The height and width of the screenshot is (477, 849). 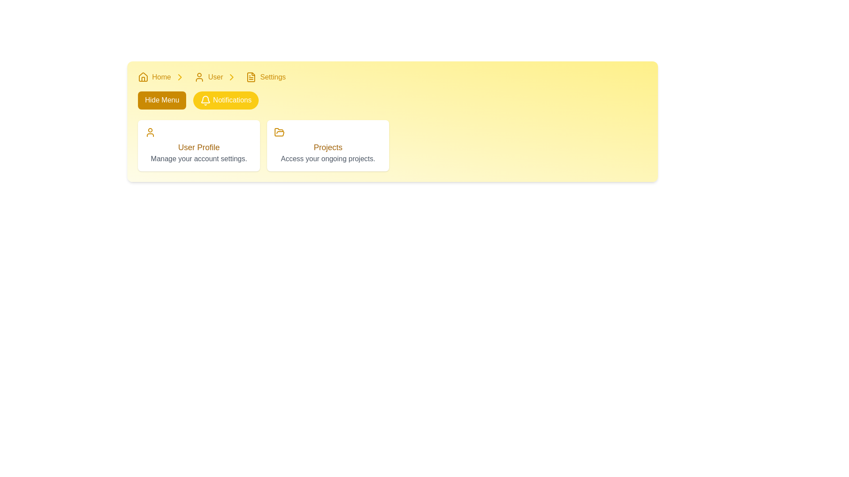 I want to click on the 'Settings' breadcrumb navigation link, which is styled in yellow and positioned in the top-right of the interface, so click(x=265, y=76).